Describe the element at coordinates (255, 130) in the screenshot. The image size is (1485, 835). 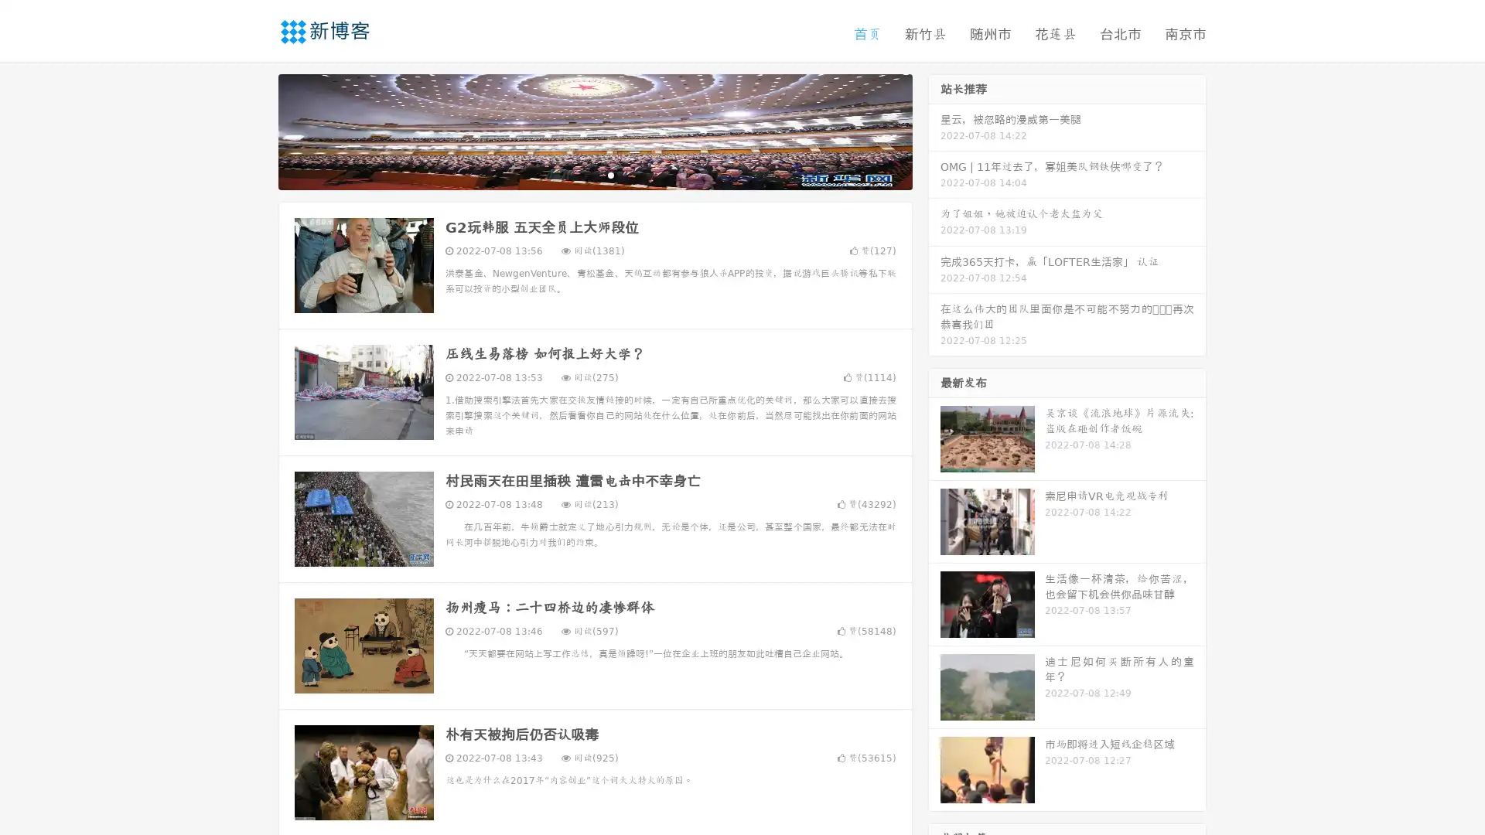
I see `Previous slide` at that location.